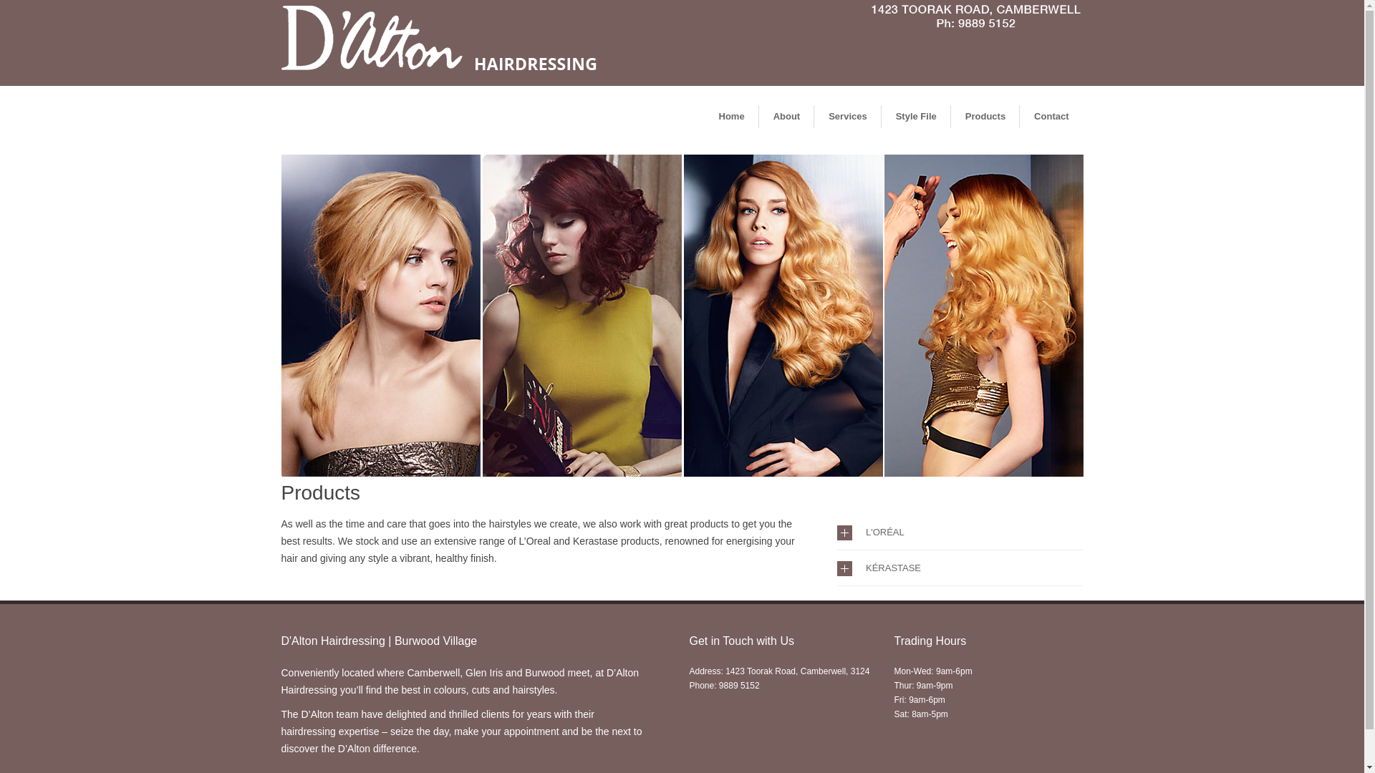 This screenshot has width=1375, height=773. I want to click on 'Home', so click(704, 115).